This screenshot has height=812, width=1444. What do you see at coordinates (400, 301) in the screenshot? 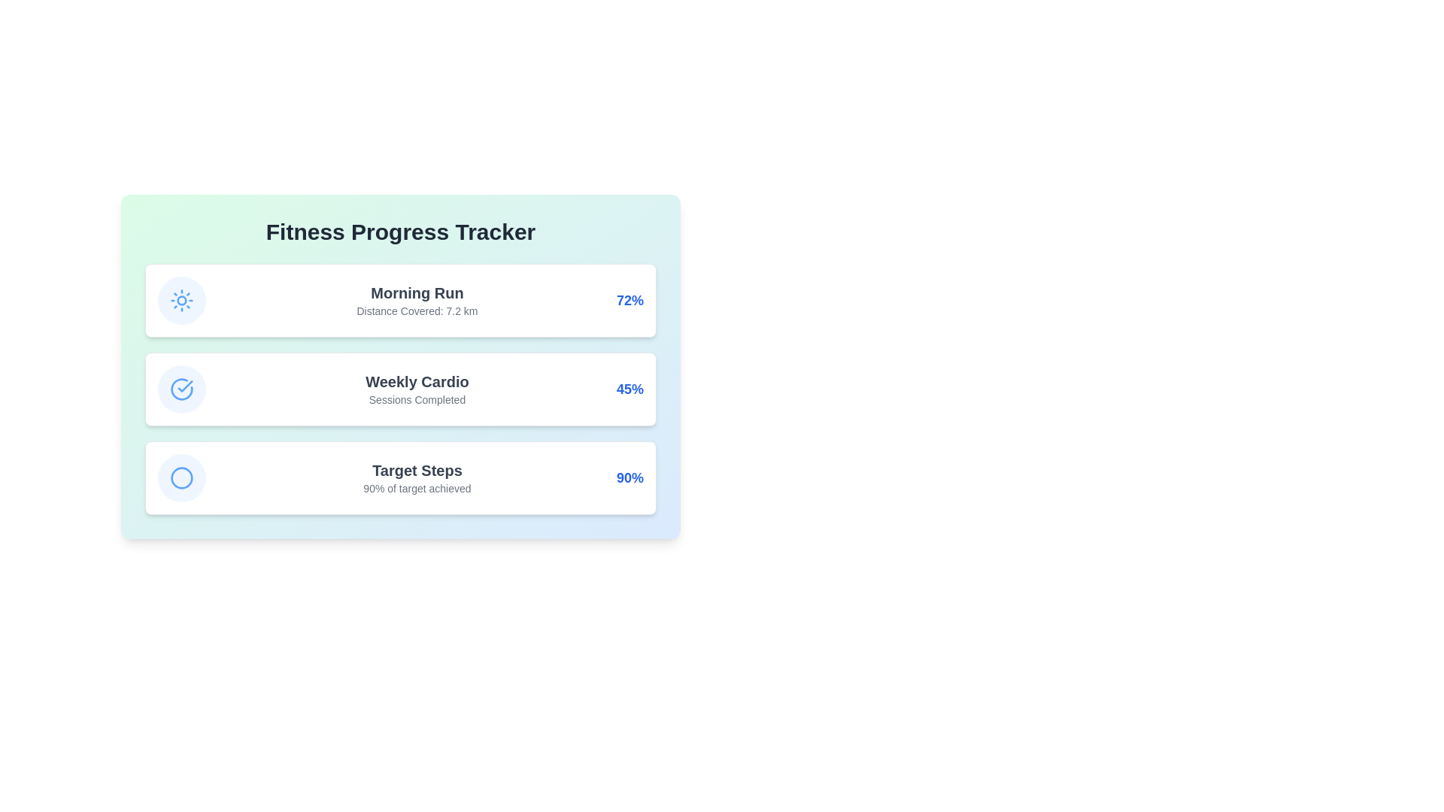
I see `the Information Card that summarizes the morning run fitness activity in the 'Fitness Progress Tracker' section` at bounding box center [400, 301].